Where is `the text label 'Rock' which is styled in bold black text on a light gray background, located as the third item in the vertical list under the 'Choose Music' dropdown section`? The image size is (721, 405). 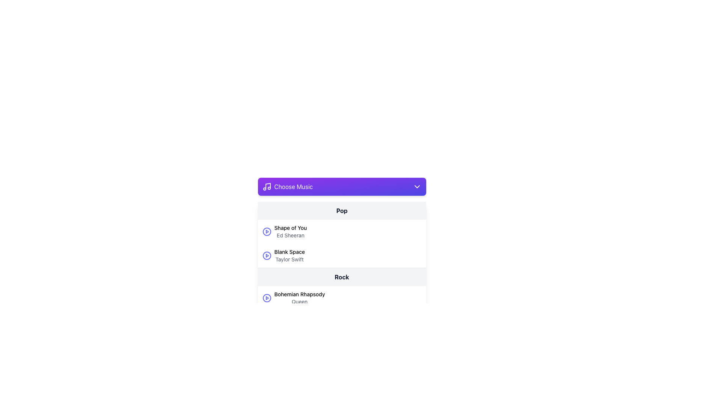
the text label 'Rock' which is styled in bold black text on a light gray background, located as the third item in the vertical list under the 'Choose Music' dropdown section is located at coordinates (341, 277).